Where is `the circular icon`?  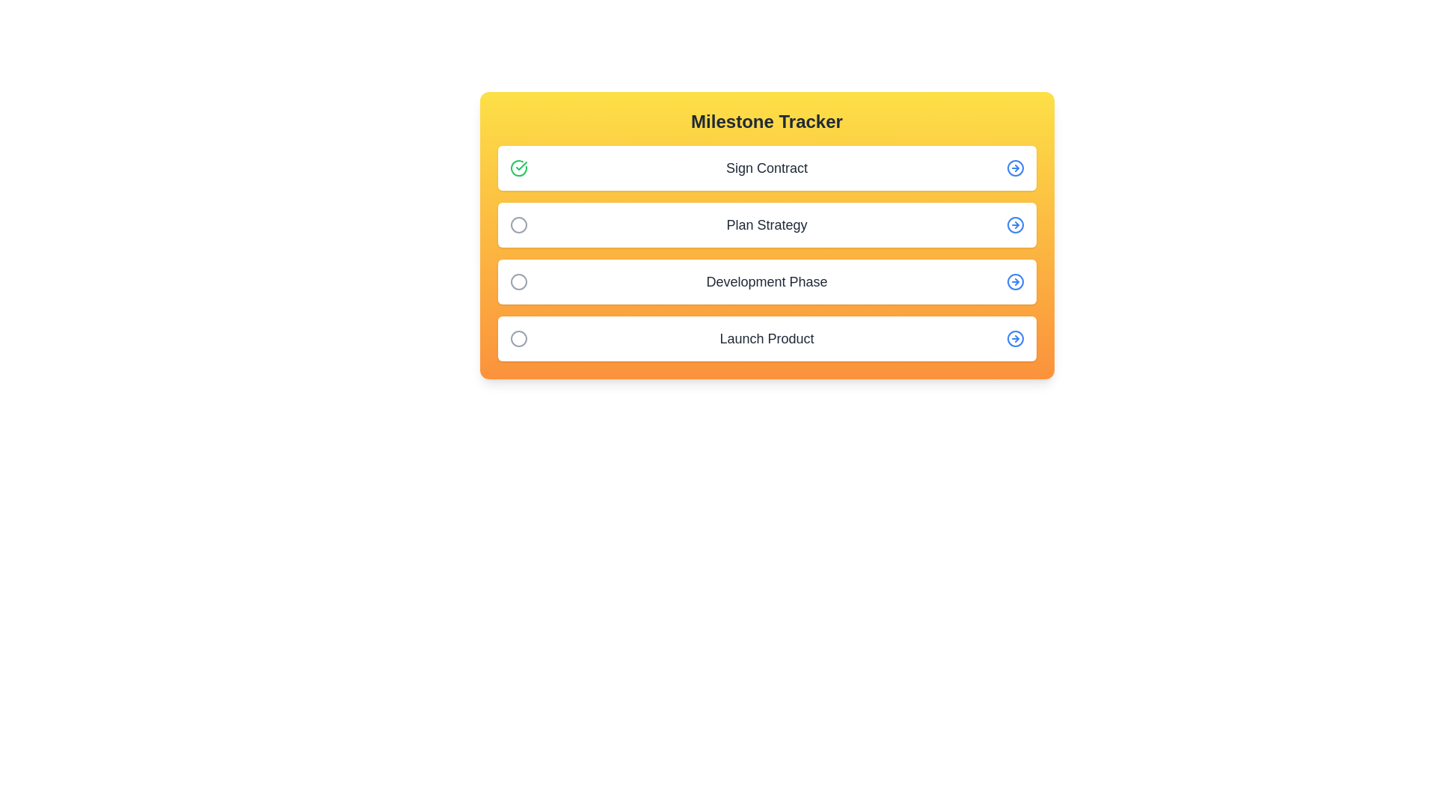 the circular icon is located at coordinates (518, 224).